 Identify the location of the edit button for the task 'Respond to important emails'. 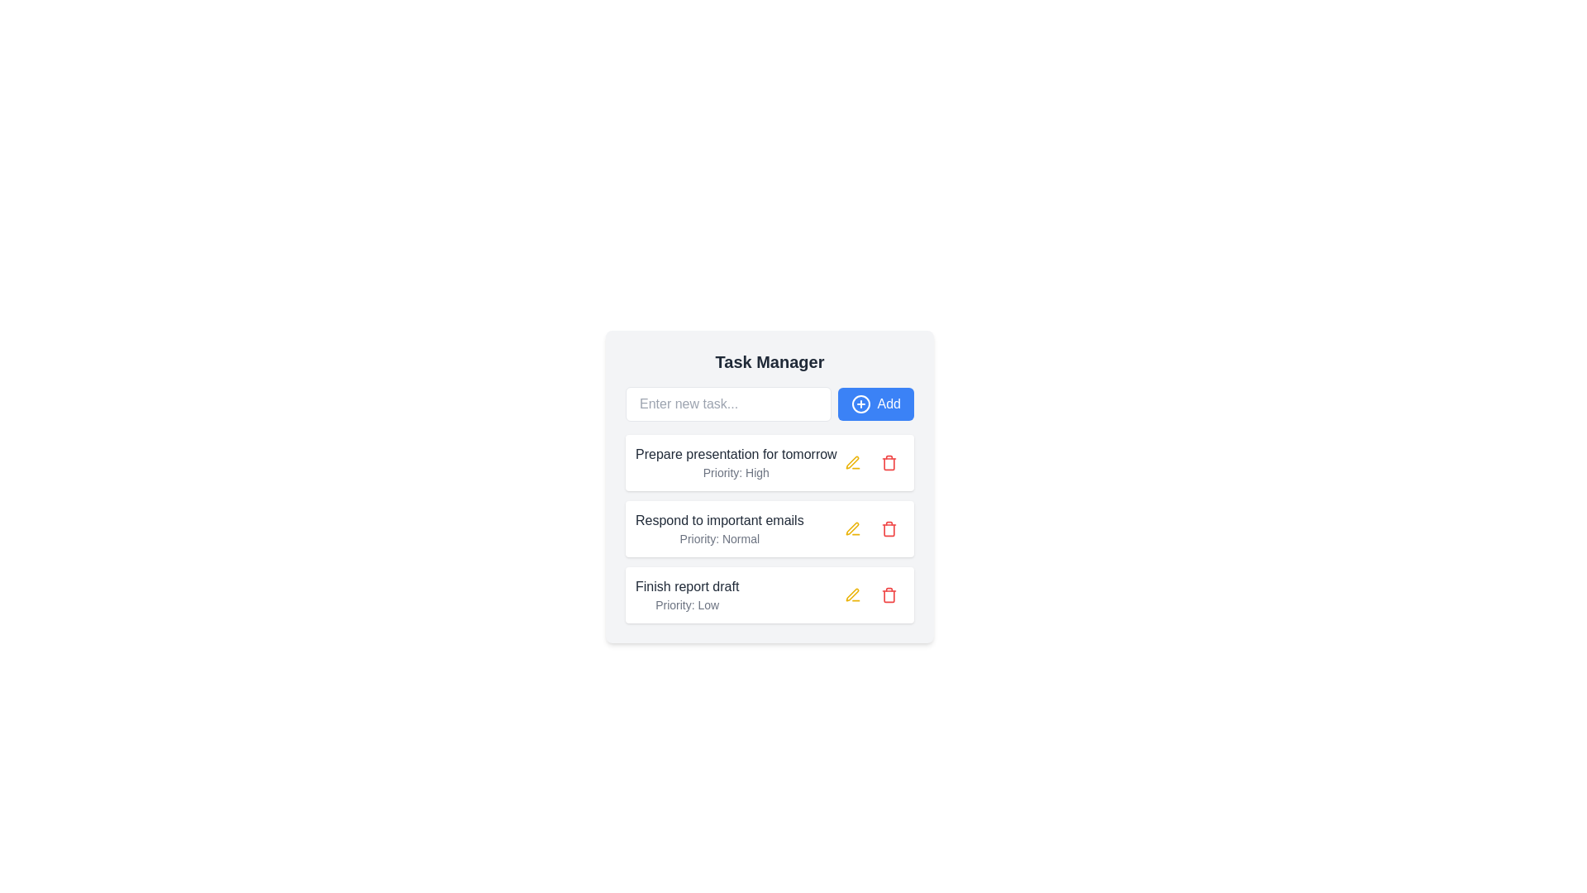
(853, 529).